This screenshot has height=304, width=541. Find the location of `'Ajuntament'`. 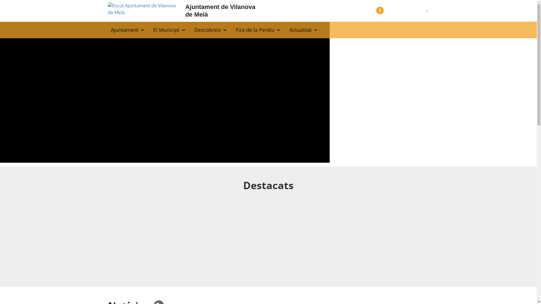

'Ajuntament' is located at coordinates (127, 30).